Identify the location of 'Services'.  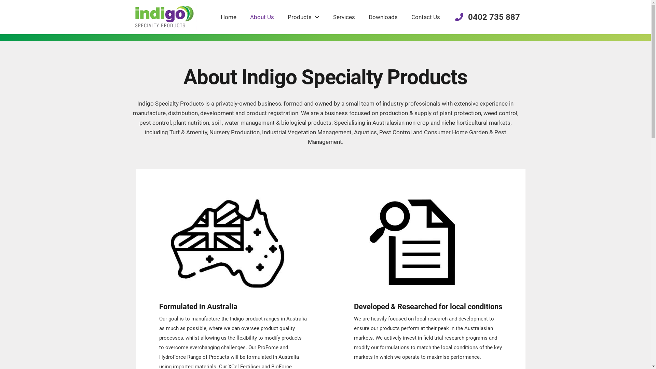
(344, 17).